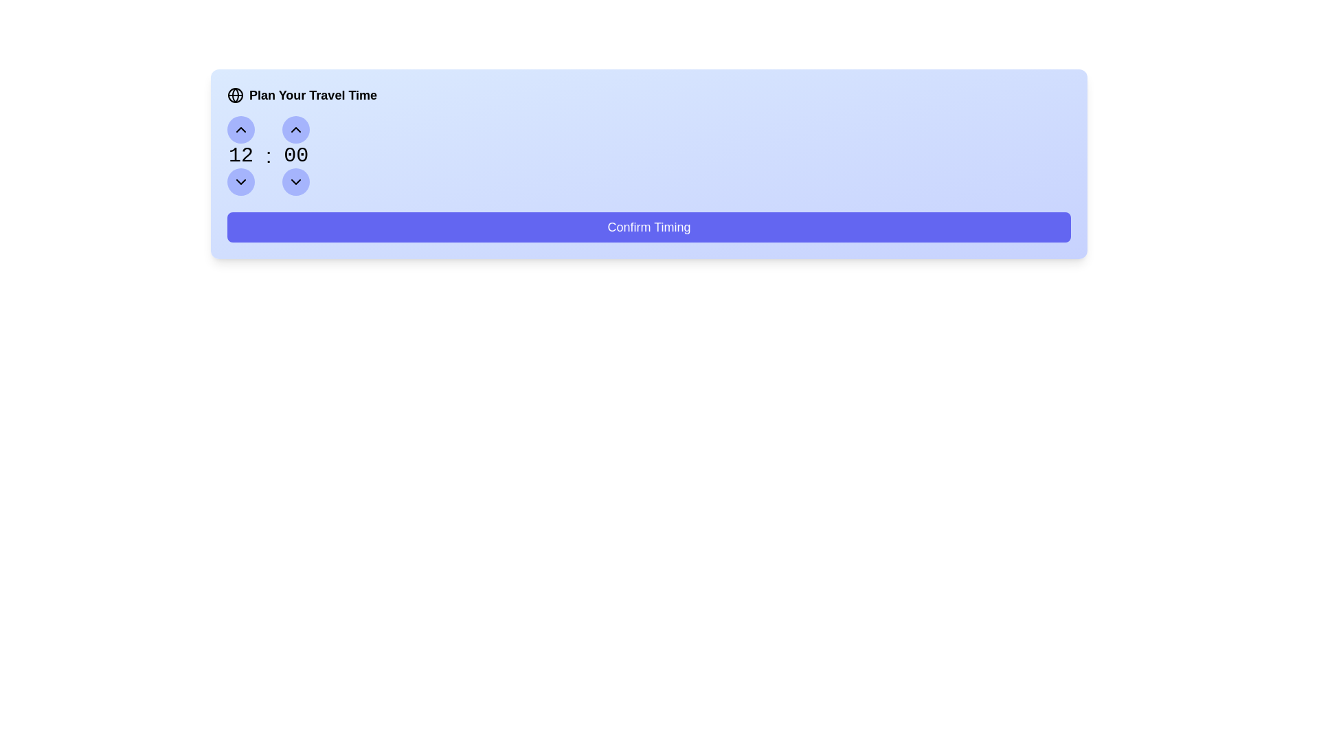  Describe the element at coordinates (240, 155) in the screenshot. I see `value displayed in the text label showing the number '12', which is centered in the first column of the two-segment time selector and located between an upward and downward arrow` at that location.